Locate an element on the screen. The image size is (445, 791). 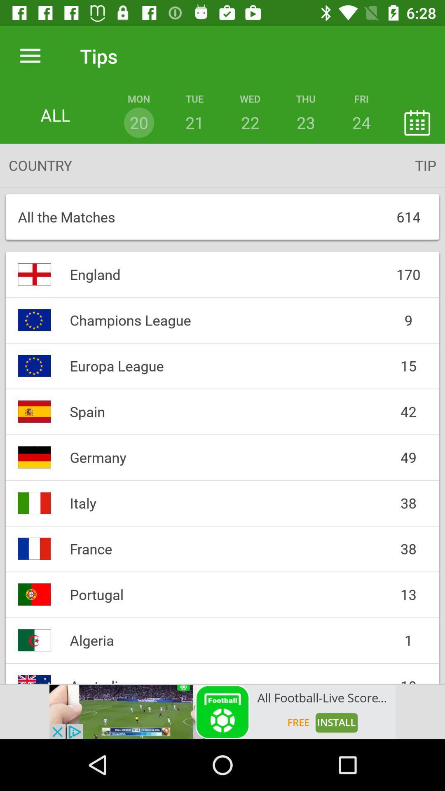
tap on advertisement is located at coordinates (222, 711).